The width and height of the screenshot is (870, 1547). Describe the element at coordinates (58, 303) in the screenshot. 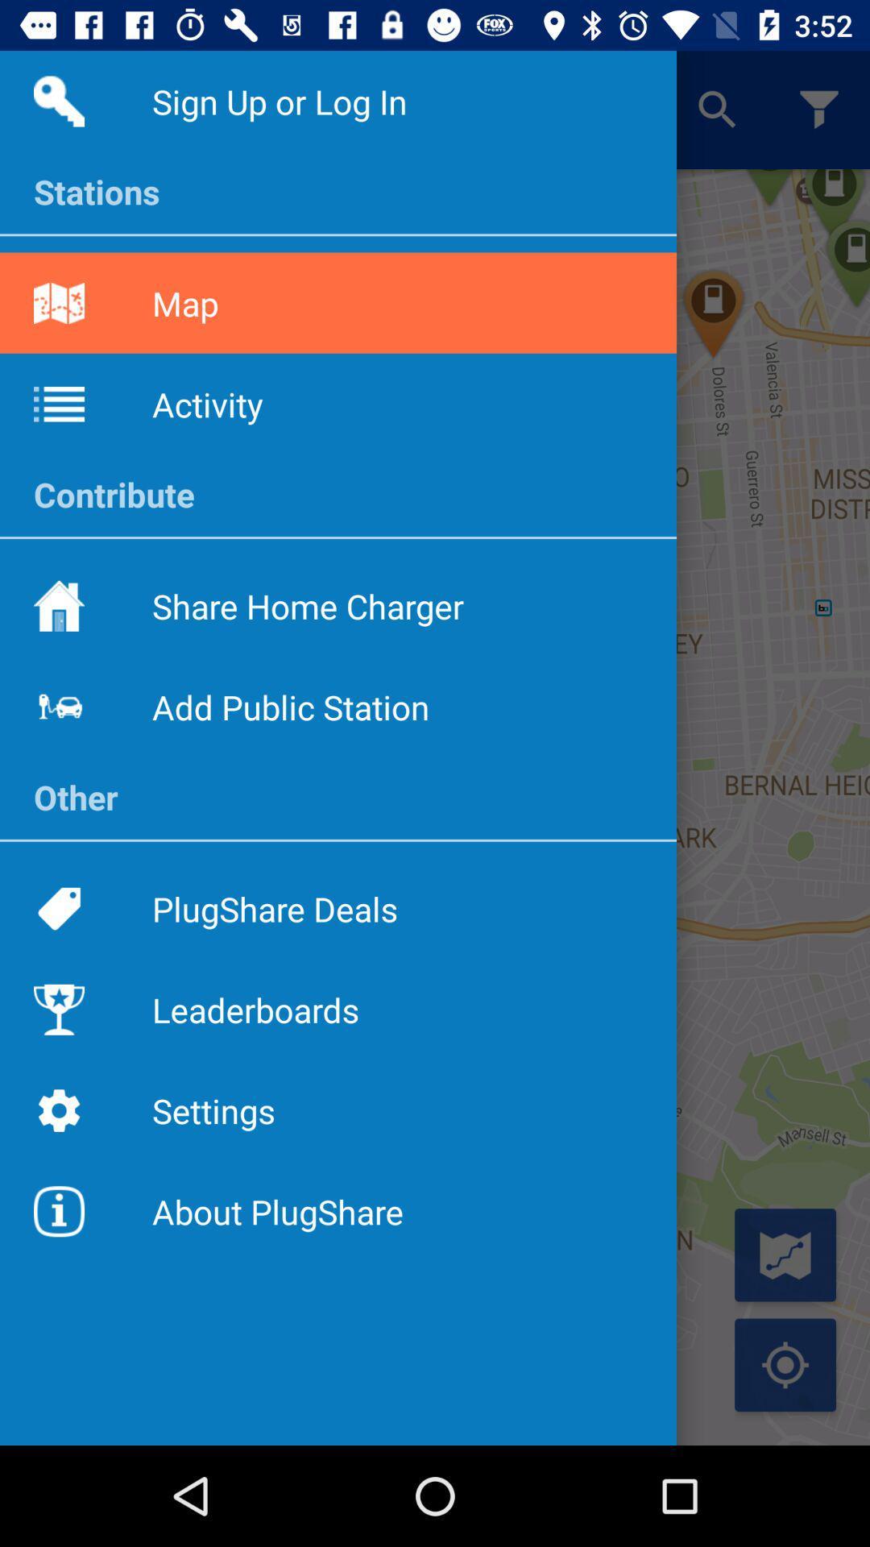

I see `the map icon` at that location.